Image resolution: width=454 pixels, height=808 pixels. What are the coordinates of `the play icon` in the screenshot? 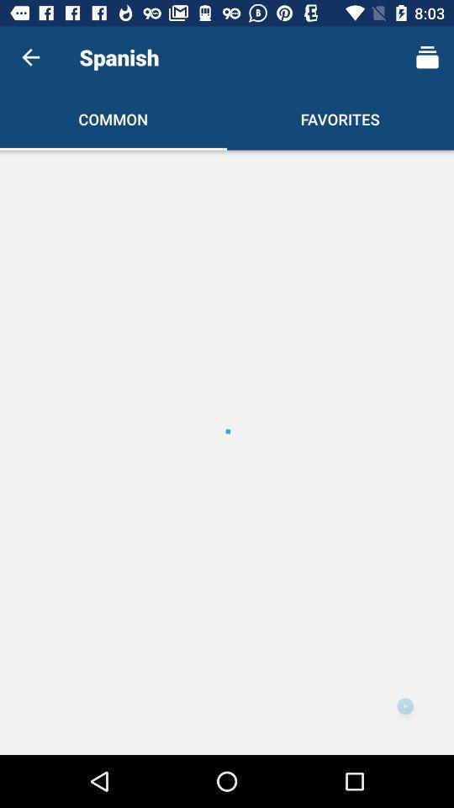 It's located at (404, 706).